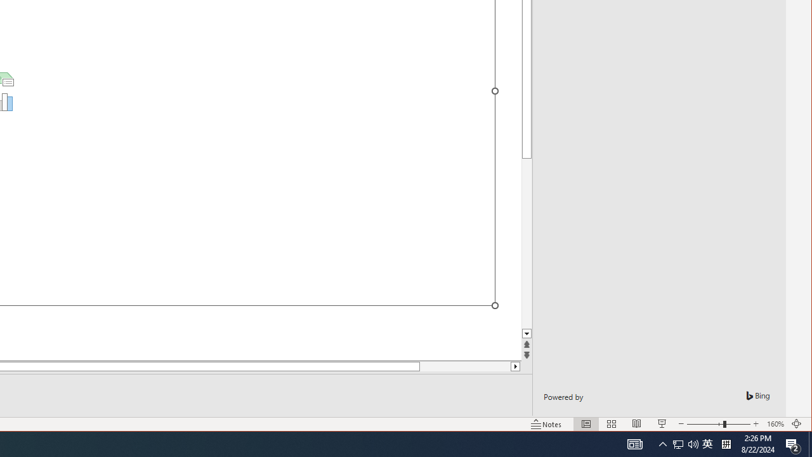 This screenshot has height=457, width=812. Describe the element at coordinates (775, 424) in the screenshot. I see `'Zoom 160%'` at that location.